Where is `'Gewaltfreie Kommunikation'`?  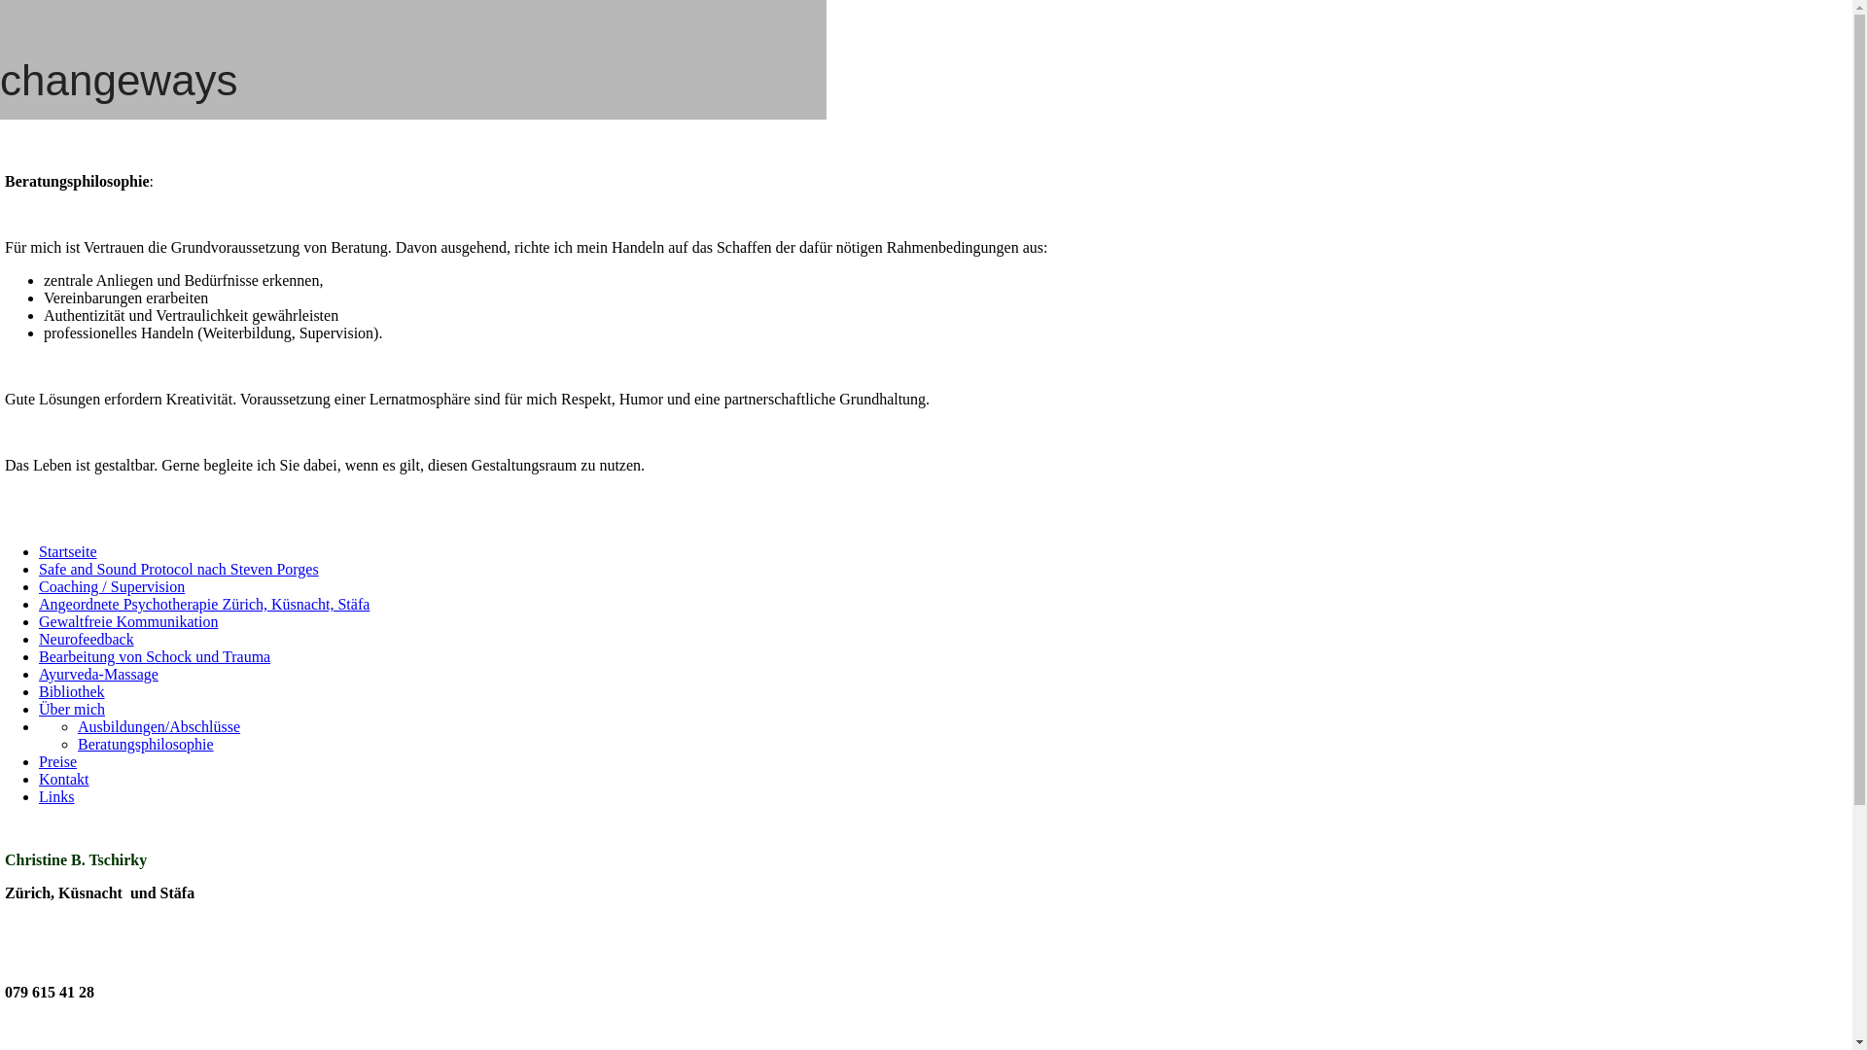
'Gewaltfreie Kommunikation' is located at coordinates (127, 621).